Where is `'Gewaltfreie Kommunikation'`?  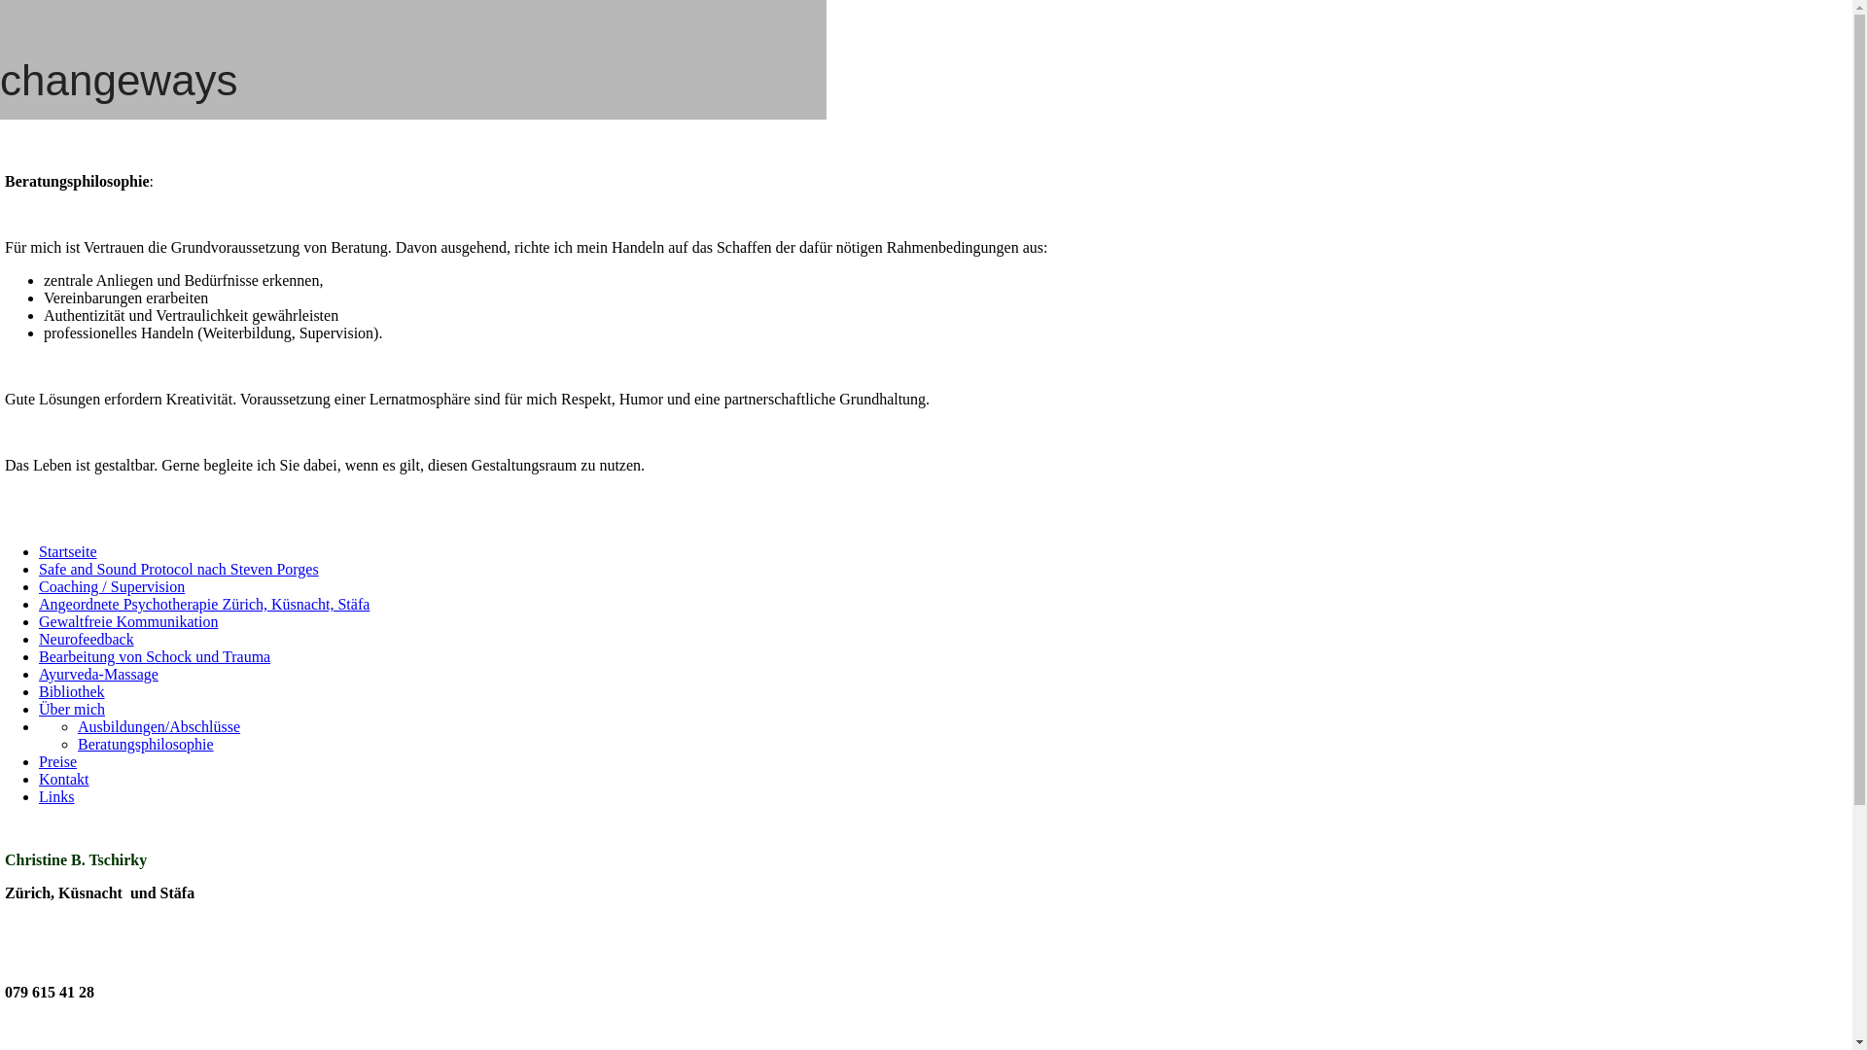
'Gewaltfreie Kommunikation' is located at coordinates (127, 621).